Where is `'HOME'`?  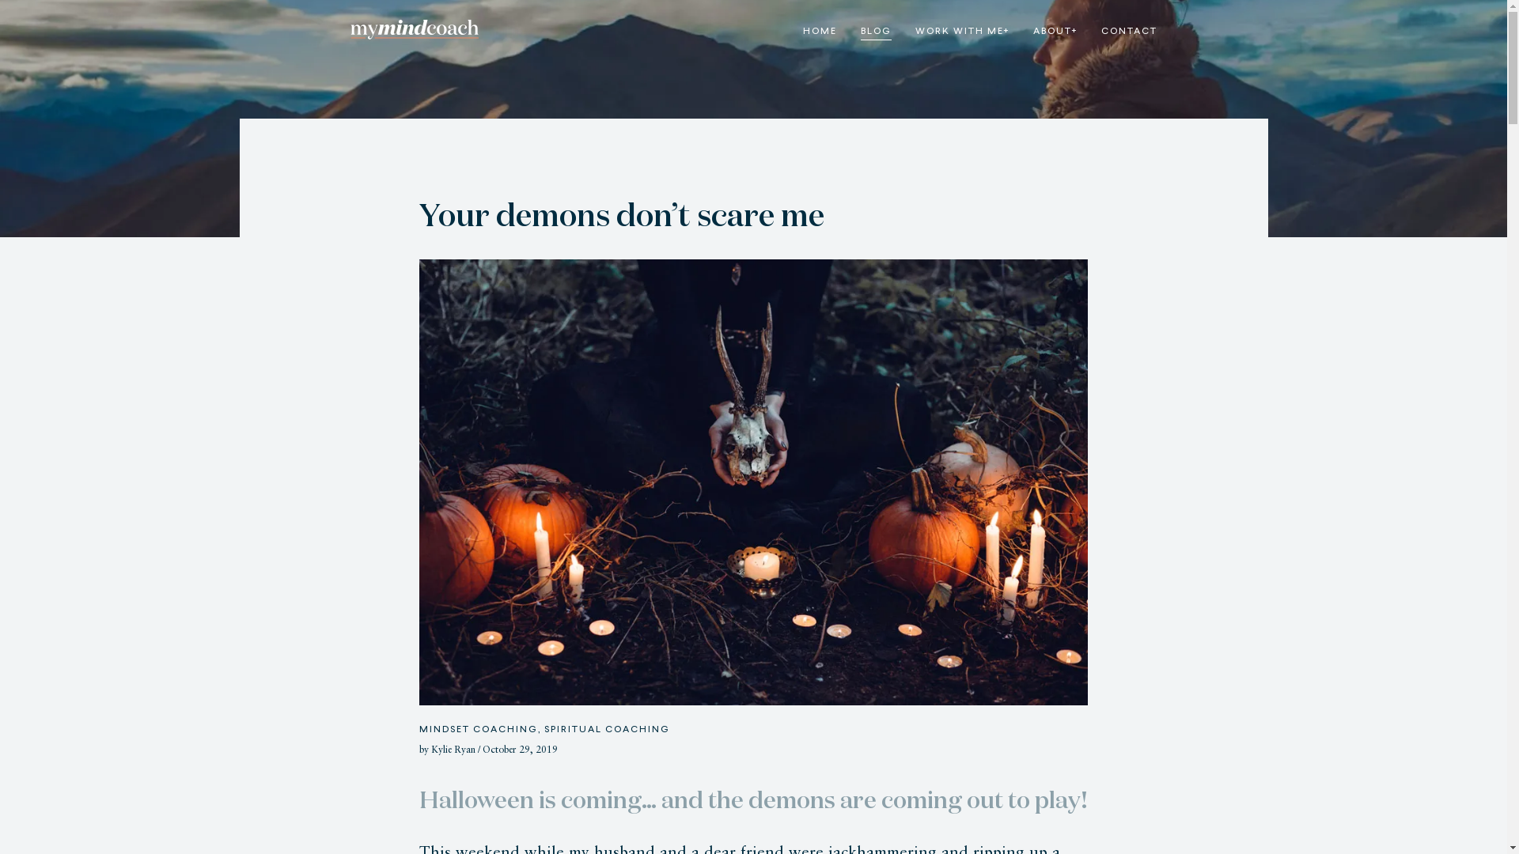 'HOME' is located at coordinates (819, 32).